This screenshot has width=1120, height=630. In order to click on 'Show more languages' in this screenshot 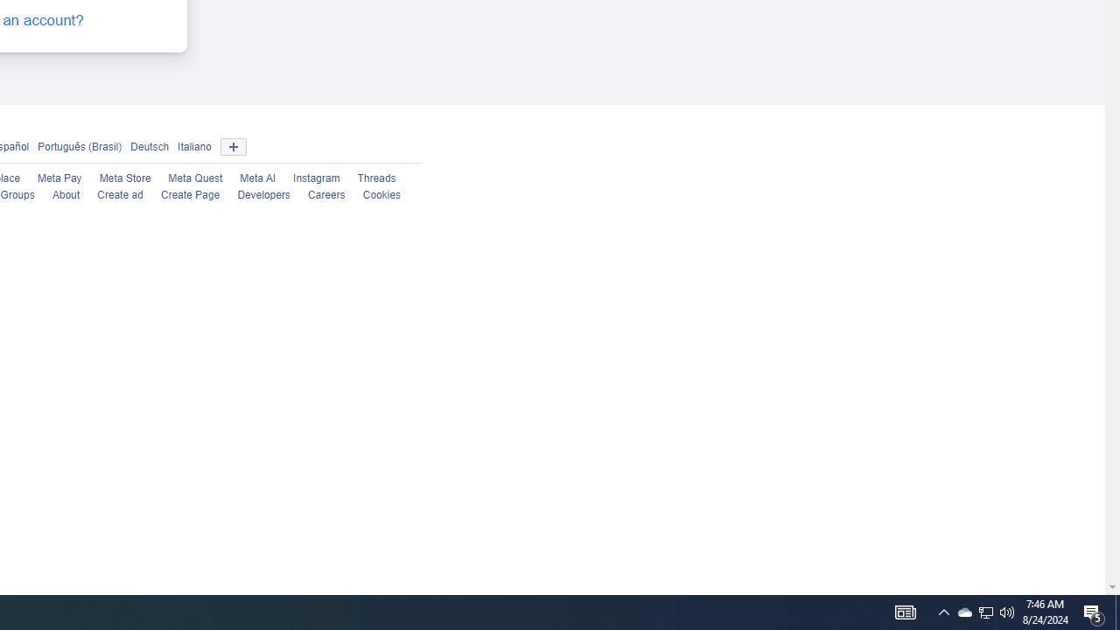, I will do `click(232, 146)`.